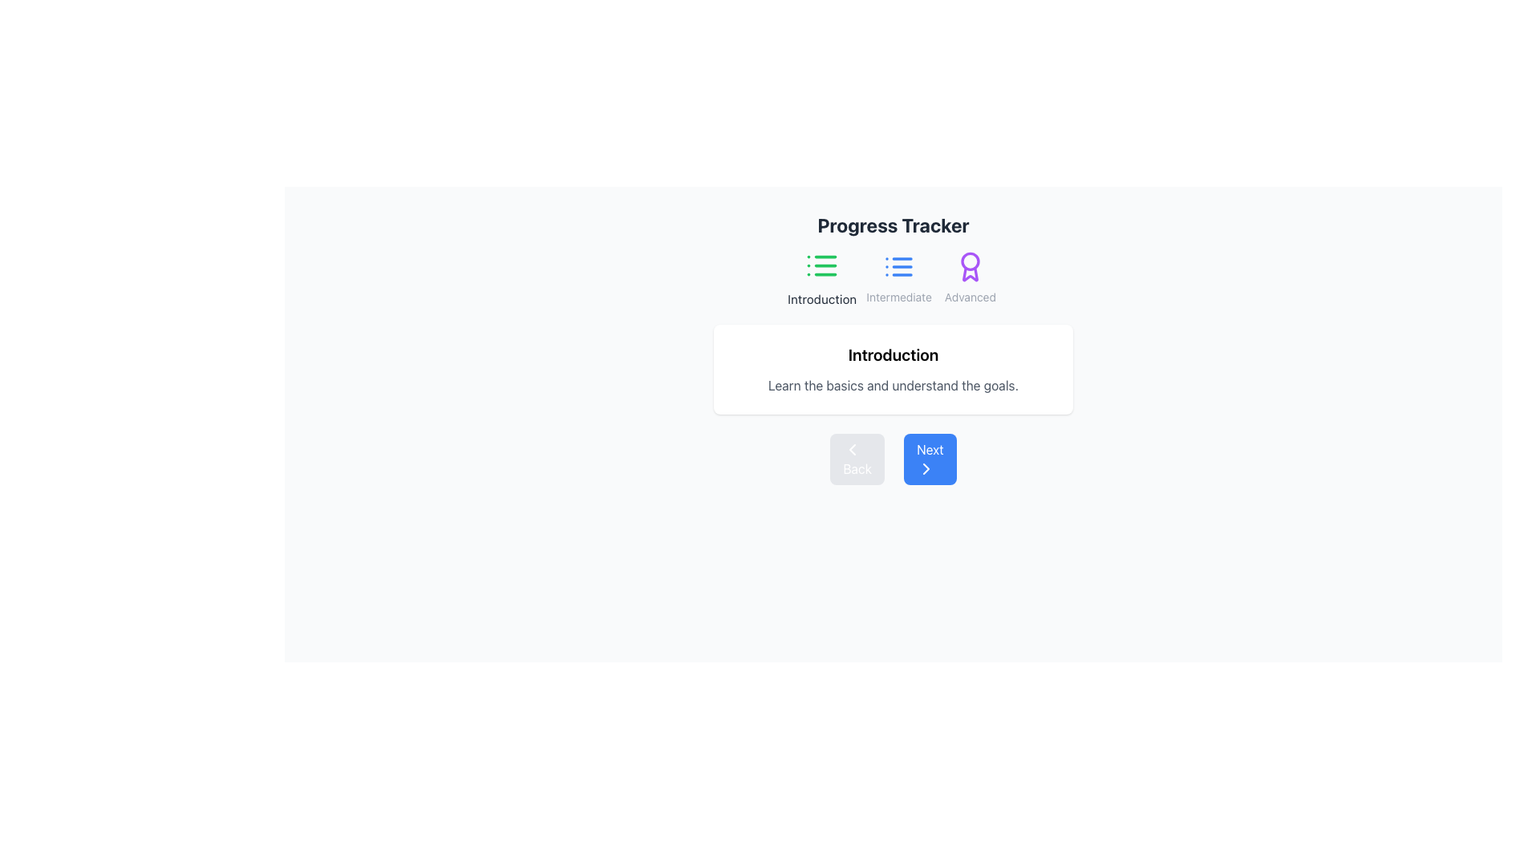 This screenshot has height=866, width=1540. What do you see at coordinates (822, 265) in the screenshot?
I see `the green list icon with three horizontal lines and three circles` at bounding box center [822, 265].